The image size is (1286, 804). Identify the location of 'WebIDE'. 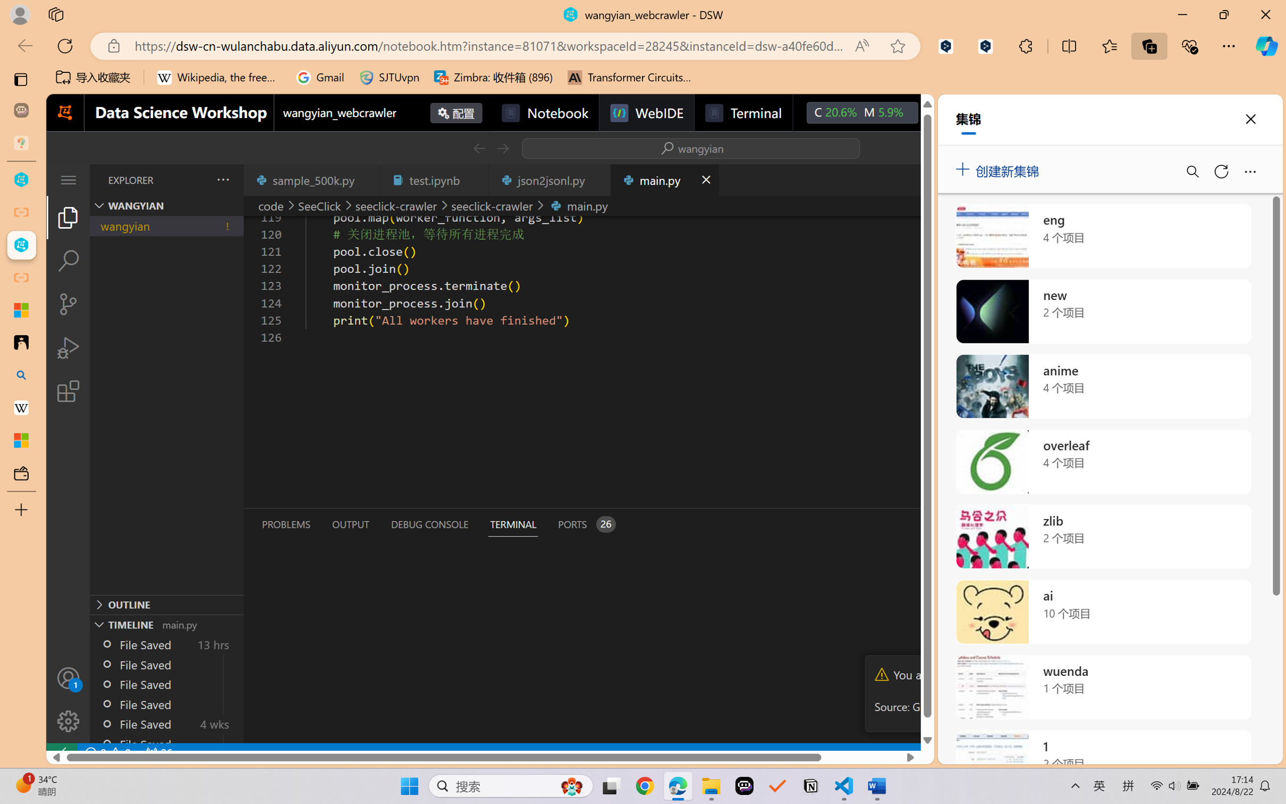
(646, 112).